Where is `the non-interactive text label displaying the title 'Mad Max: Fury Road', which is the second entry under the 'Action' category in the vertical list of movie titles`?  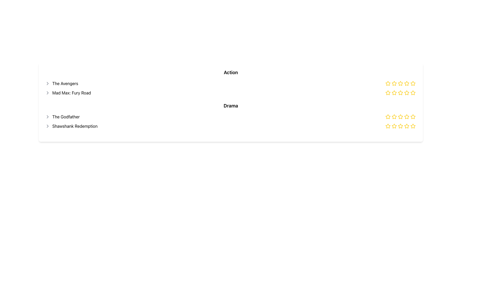
the non-interactive text label displaying the title 'Mad Max: Fury Road', which is the second entry under the 'Action' category in the vertical list of movie titles is located at coordinates (71, 93).